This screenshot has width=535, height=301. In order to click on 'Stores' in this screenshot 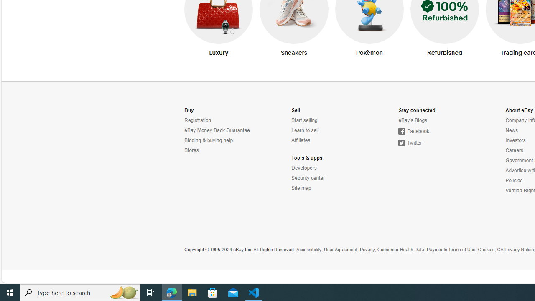, I will do `click(191, 150)`.